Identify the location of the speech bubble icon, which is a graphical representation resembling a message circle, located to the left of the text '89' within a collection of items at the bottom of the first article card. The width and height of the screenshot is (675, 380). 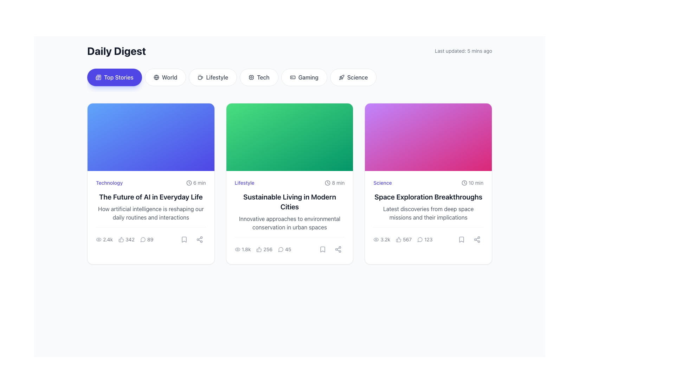
(142, 239).